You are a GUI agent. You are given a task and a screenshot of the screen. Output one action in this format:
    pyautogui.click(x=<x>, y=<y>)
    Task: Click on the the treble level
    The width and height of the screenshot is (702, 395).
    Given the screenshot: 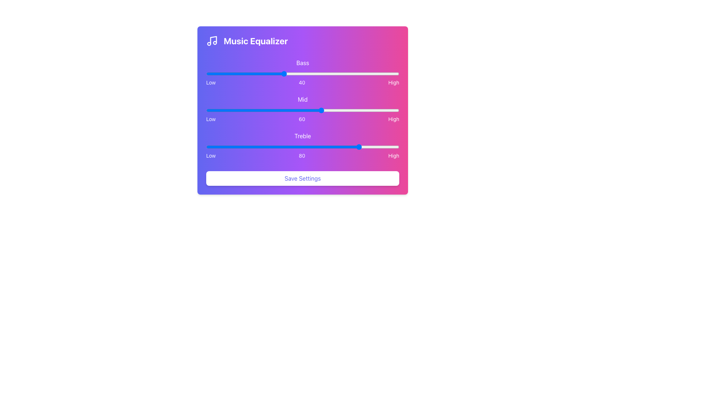 What is the action you would take?
    pyautogui.click(x=233, y=147)
    